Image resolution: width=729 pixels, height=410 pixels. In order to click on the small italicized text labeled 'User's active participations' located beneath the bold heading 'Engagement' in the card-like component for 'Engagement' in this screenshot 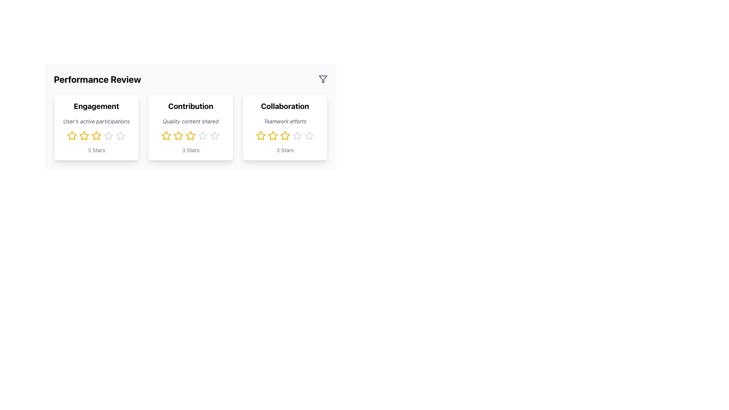, I will do `click(96, 121)`.